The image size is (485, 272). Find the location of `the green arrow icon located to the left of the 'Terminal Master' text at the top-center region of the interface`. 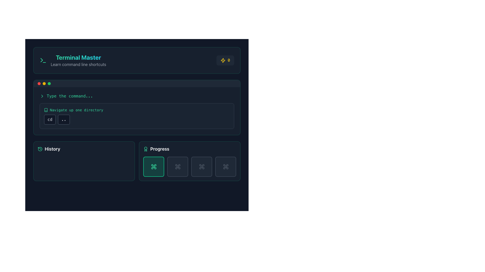

the green arrow icon located to the left of the 'Terminal Master' text at the top-center region of the interface is located at coordinates (43, 60).